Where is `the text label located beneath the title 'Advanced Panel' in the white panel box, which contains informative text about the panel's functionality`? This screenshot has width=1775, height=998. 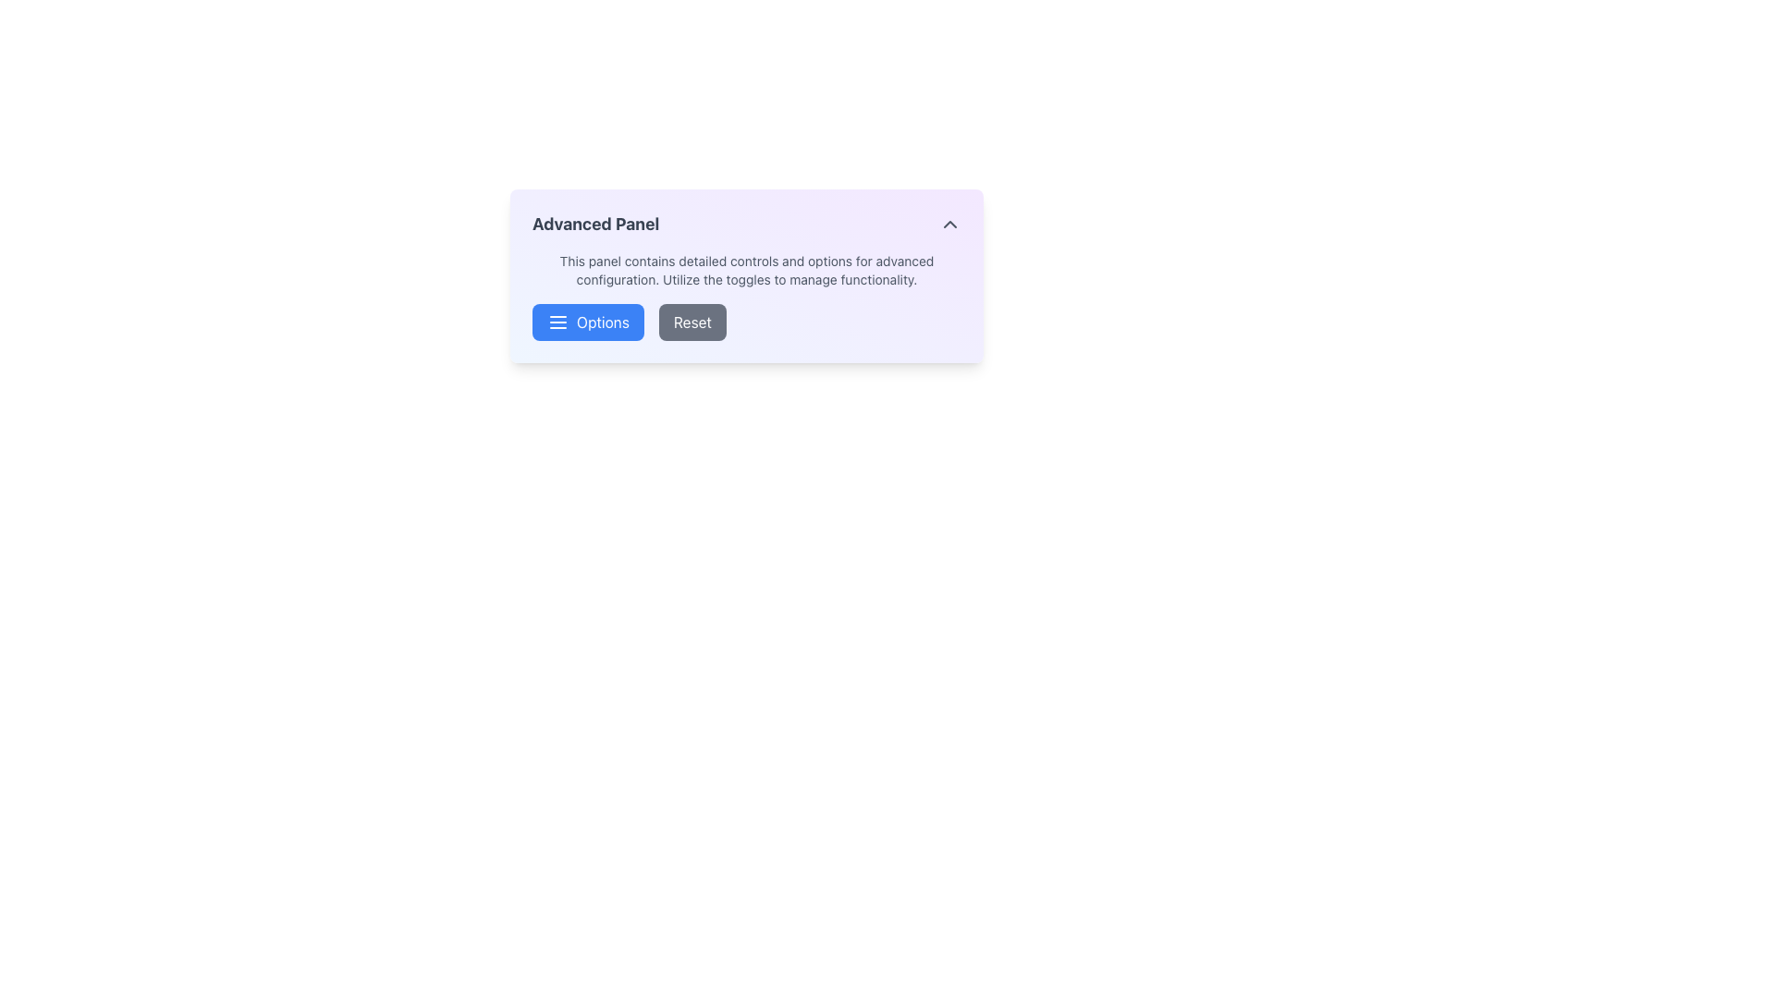 the text label located beneath the title 'Advanced Panel' in the white panel box, which contains informative text about the panel's functionality is located at coordinates (746, 271).